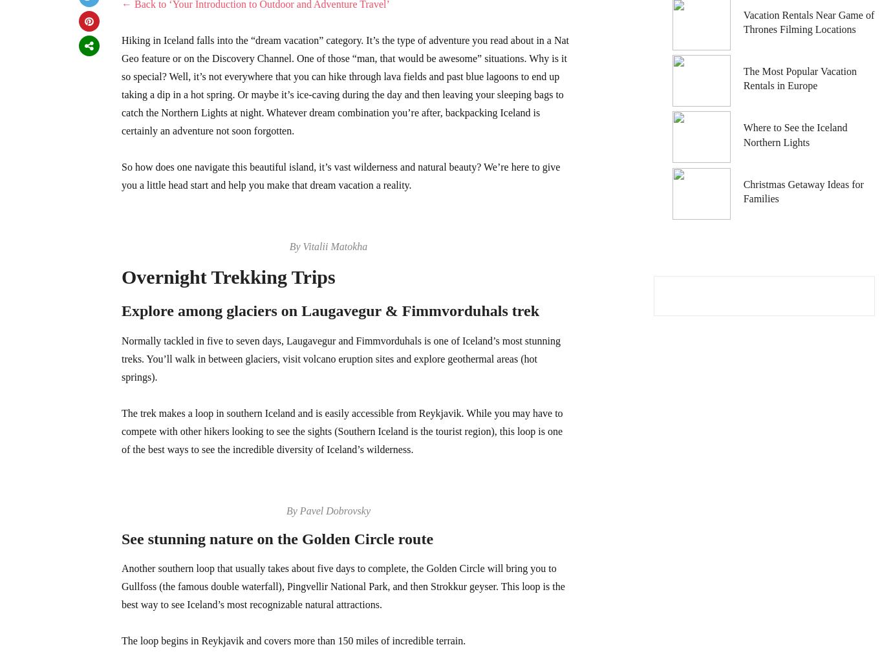  I want to click on 'Netherlands', so click(670, 44).